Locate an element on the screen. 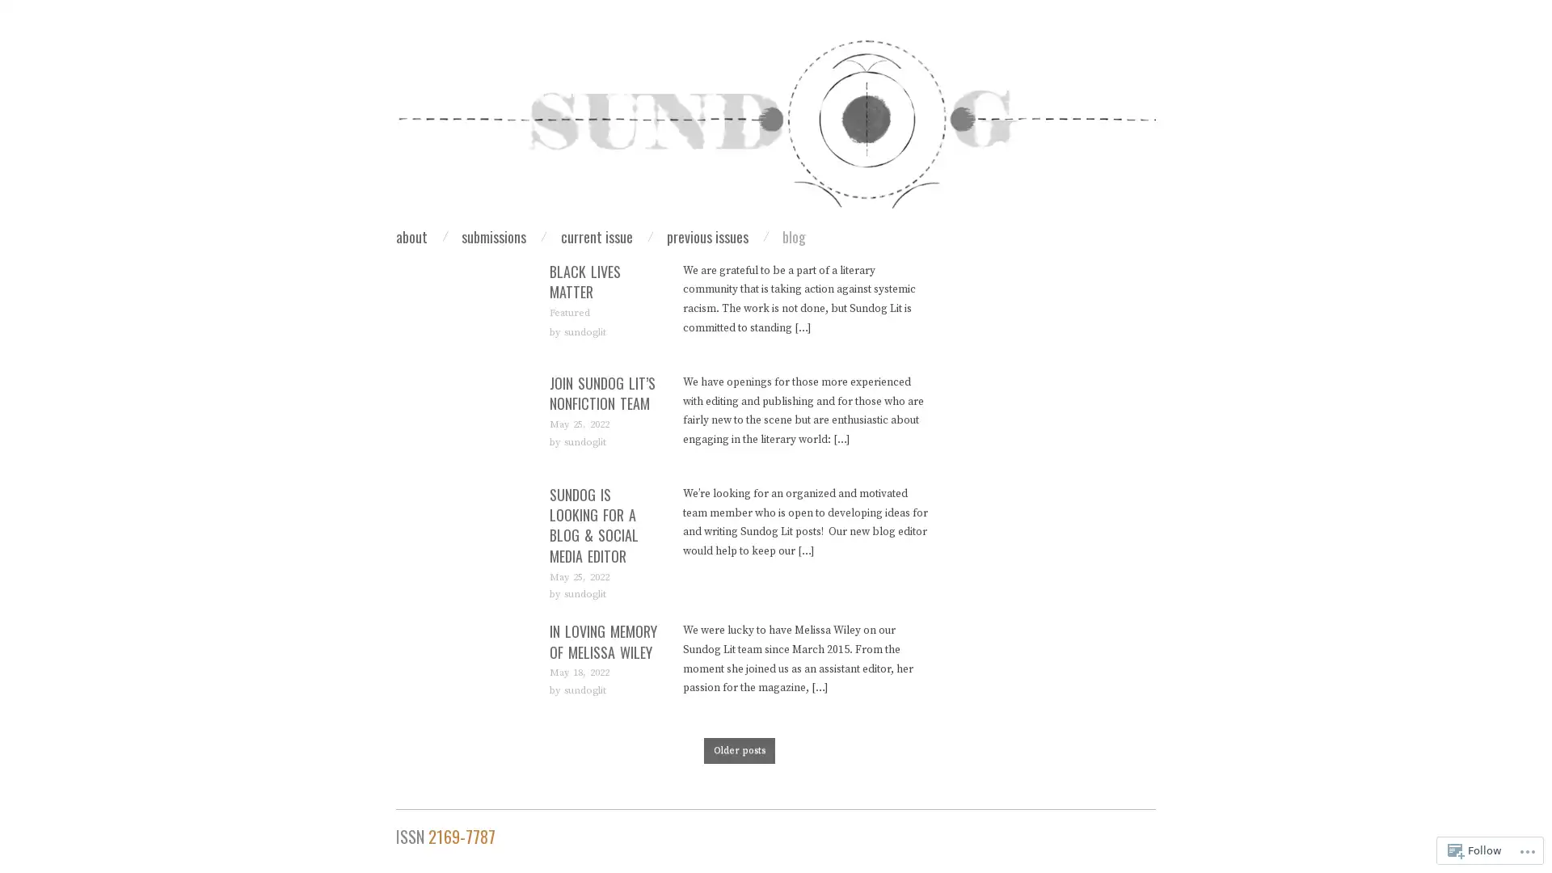 The image size is (1552, 873). Older posts is located at coordinates (739, 751).